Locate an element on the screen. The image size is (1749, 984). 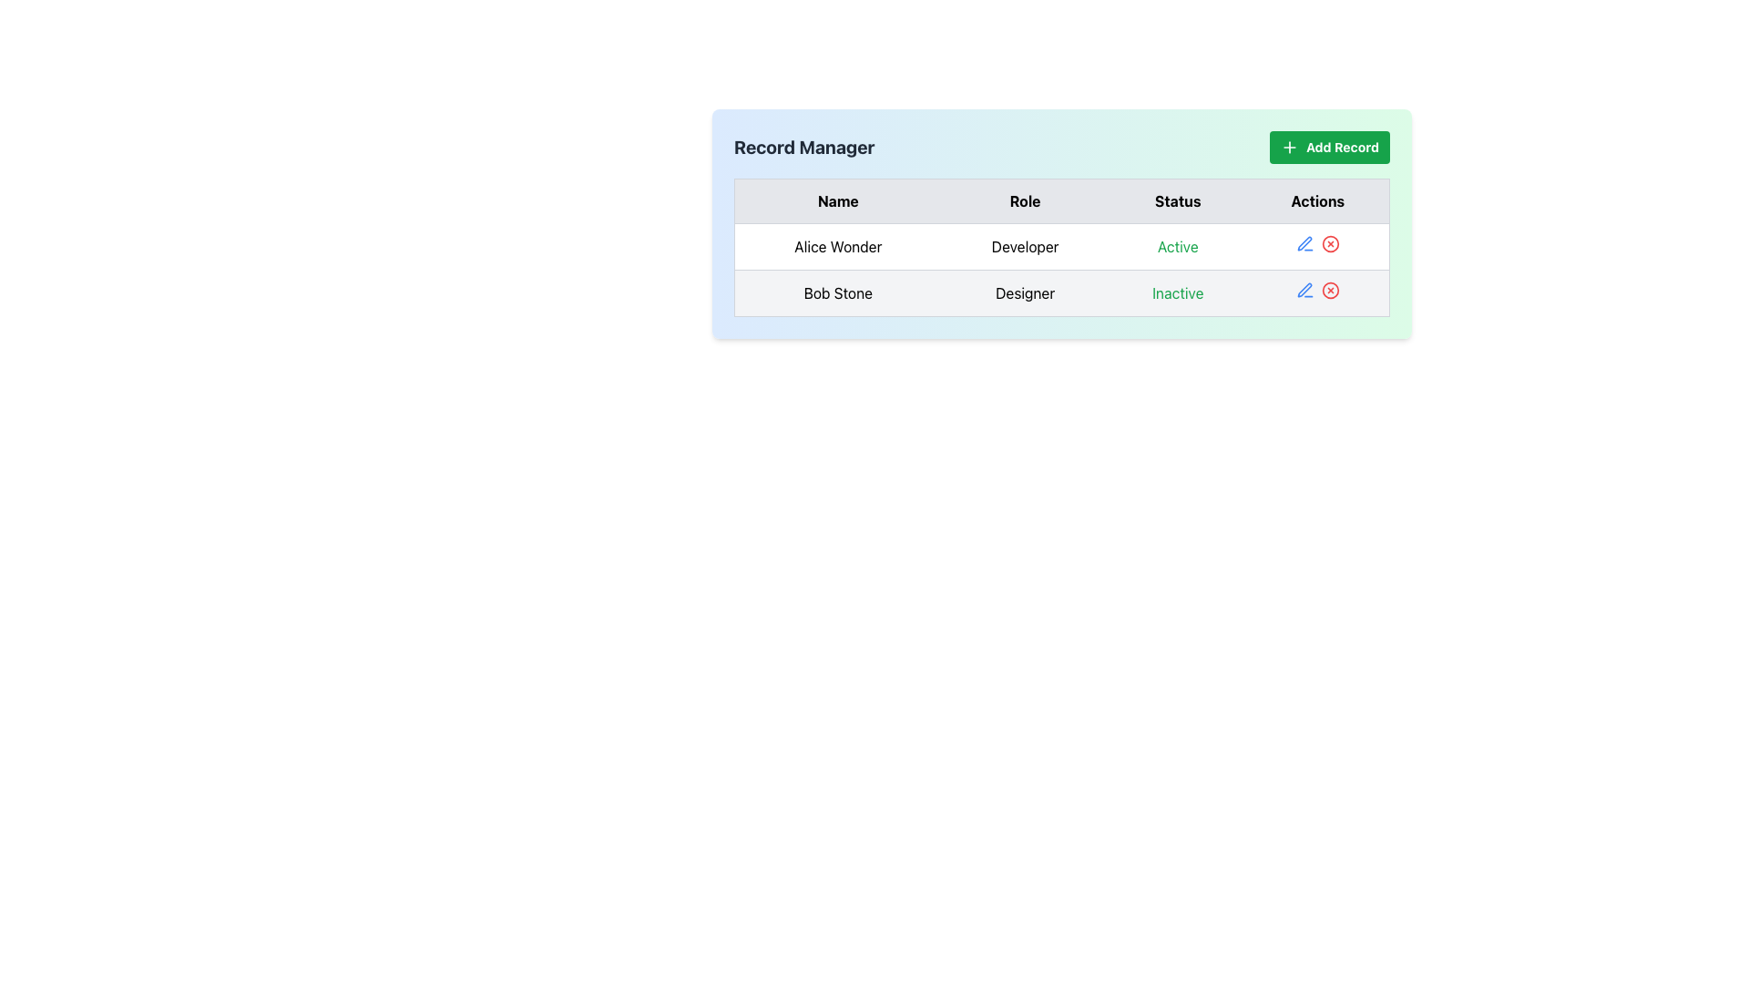
the pen icon button in the 'Actions' column of the second row is located at coordinates (1303, 288).